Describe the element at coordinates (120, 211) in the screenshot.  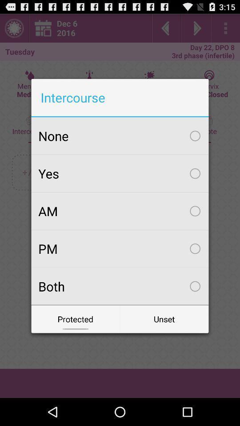
I see `icon below the yes checkbox` at that location.